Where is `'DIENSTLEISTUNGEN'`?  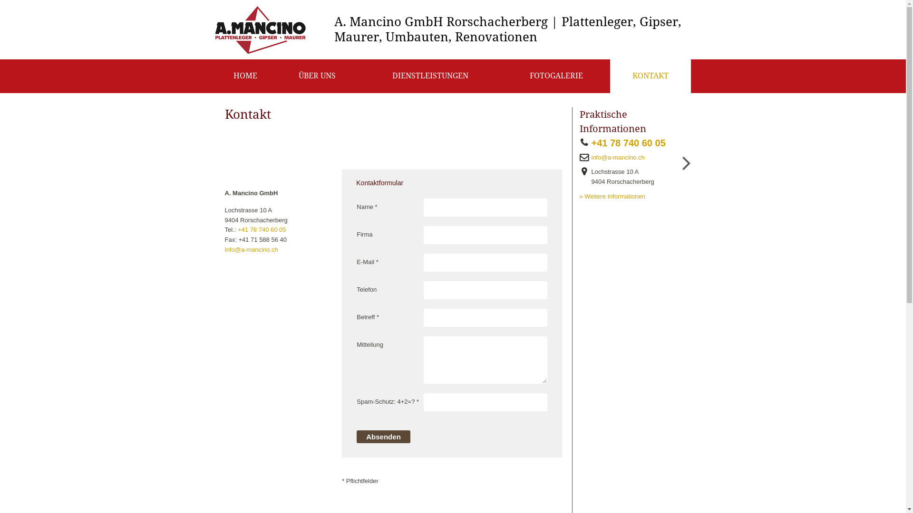 'DIENSTLEISTUNGEN' is located at coordinates (430, 76).